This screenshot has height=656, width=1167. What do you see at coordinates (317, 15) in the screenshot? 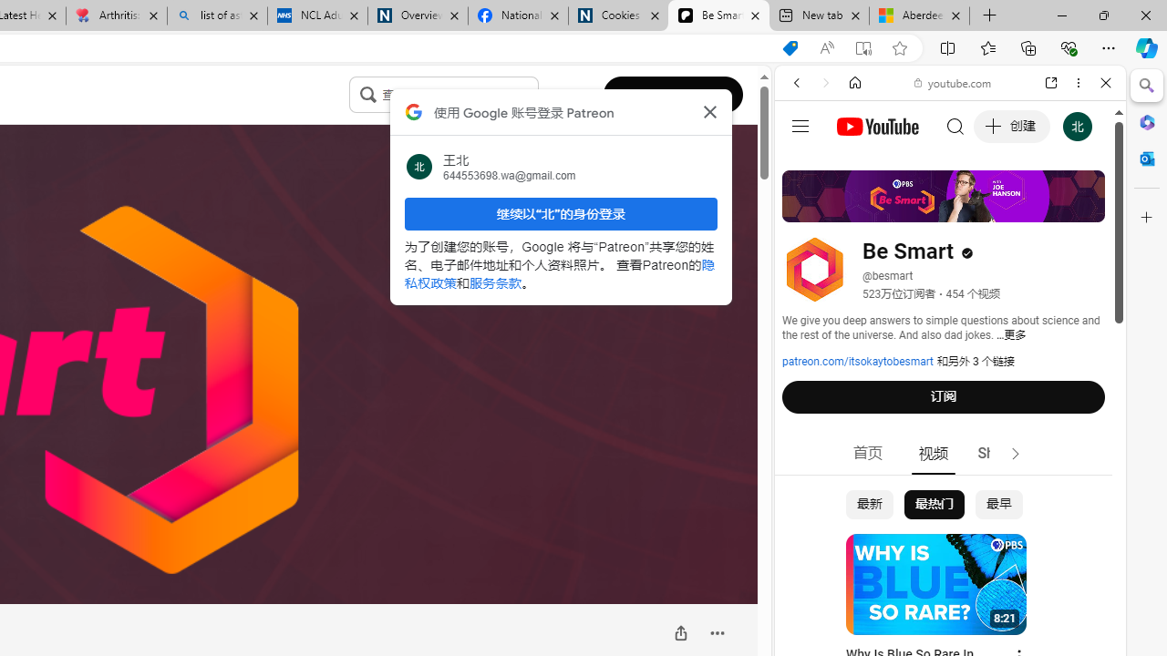
I see `'NCL Adult Asthma Inhaler Choice Guideline'` at bounding box center [317, 15].